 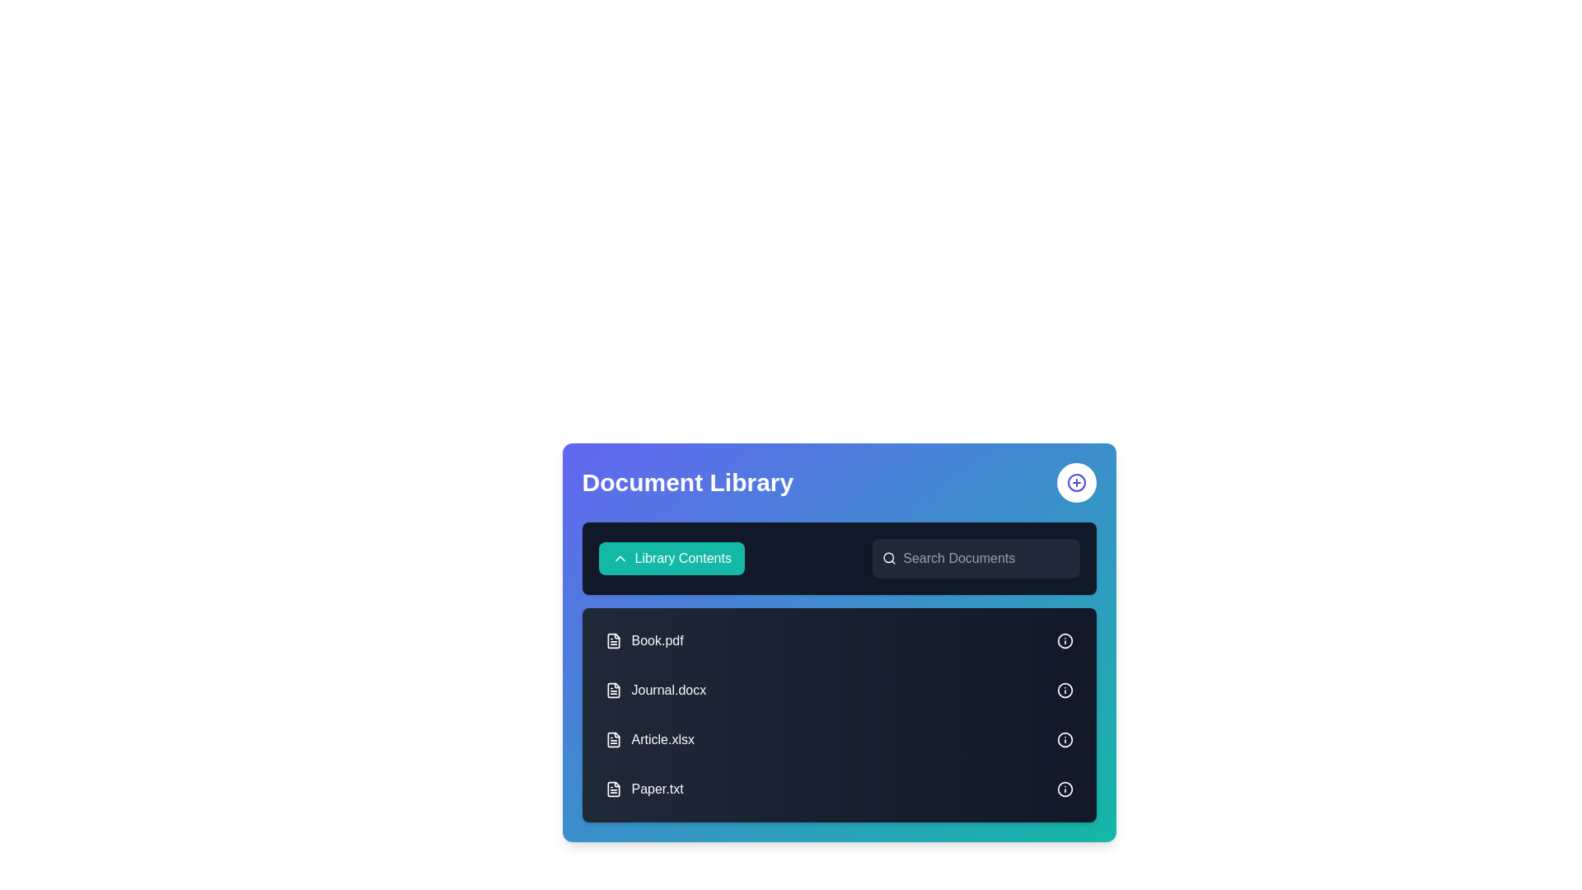 I want to click on the document icon representing 'Book.pdf' in the 'Document Library' interface, which is the first item in the file list, so click(x=612, y=640).